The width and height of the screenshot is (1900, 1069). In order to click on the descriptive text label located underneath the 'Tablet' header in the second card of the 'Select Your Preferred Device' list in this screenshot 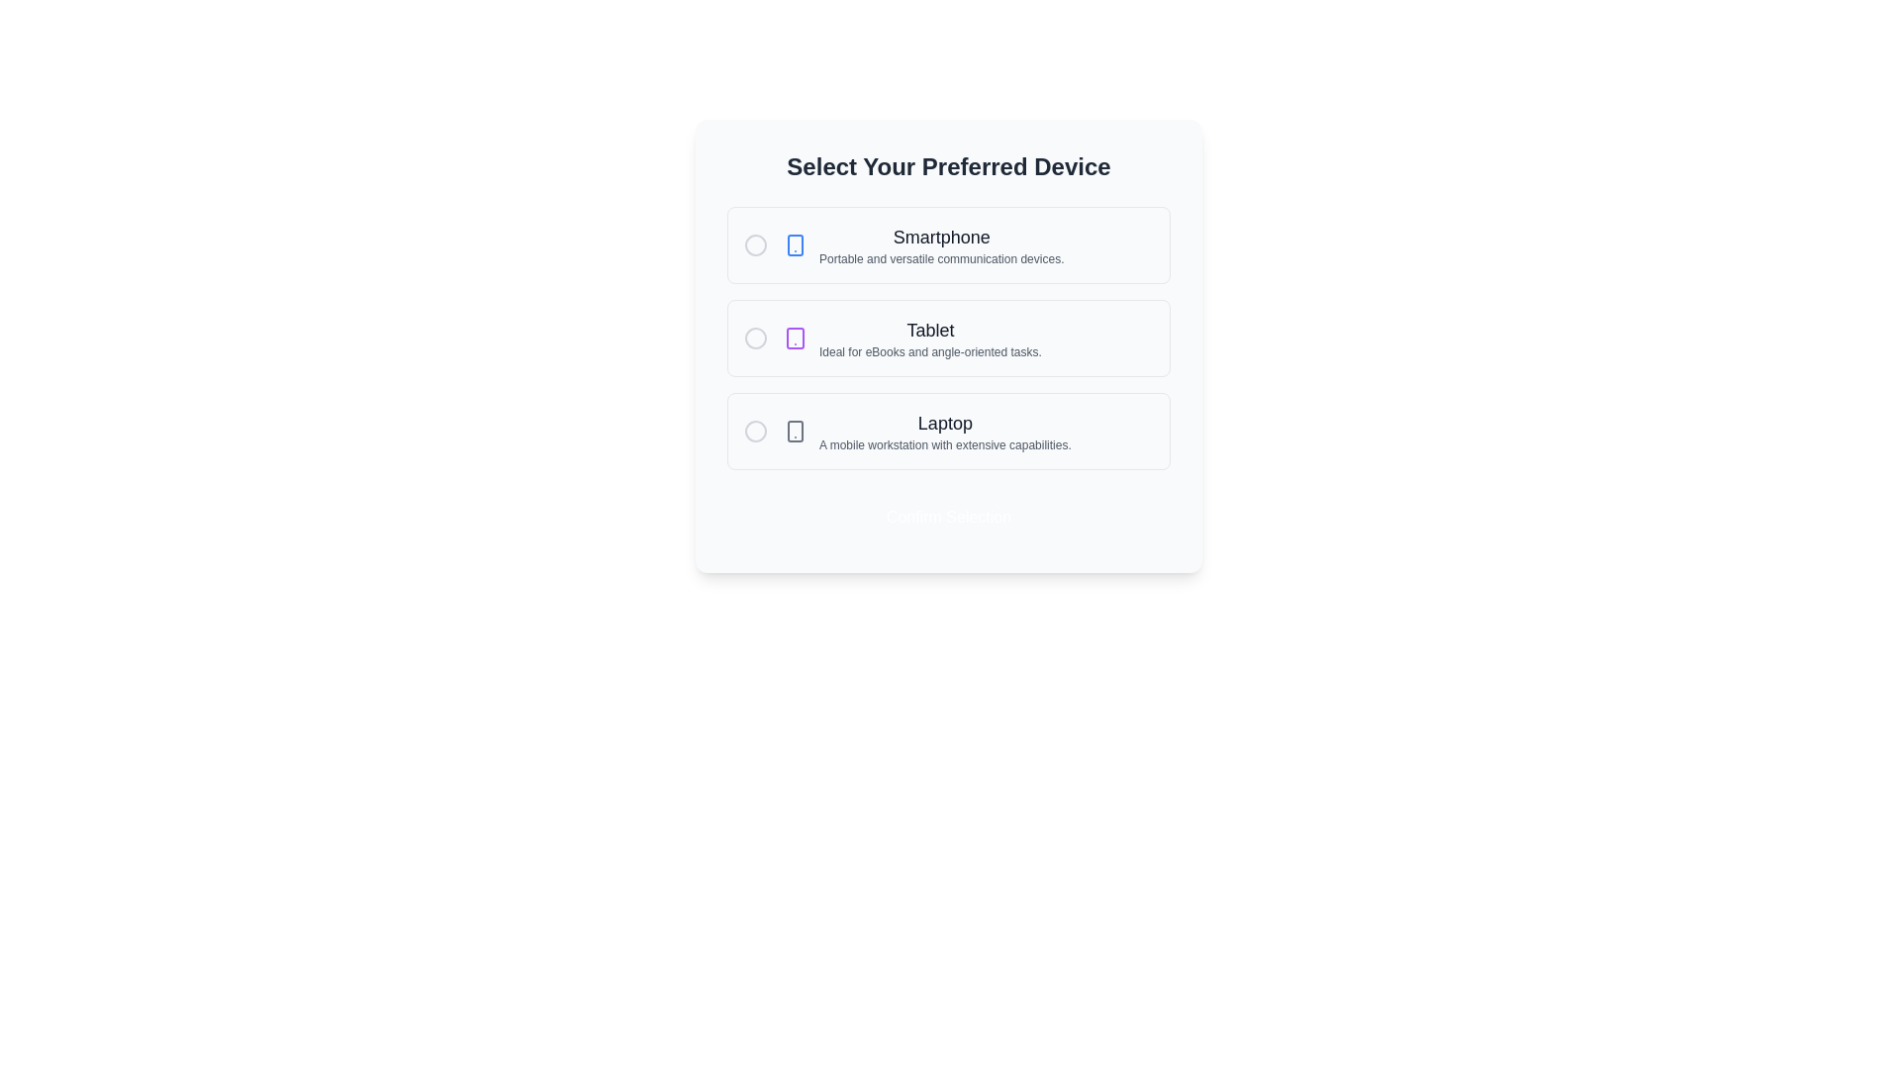, I will do `click(929, 350)`.